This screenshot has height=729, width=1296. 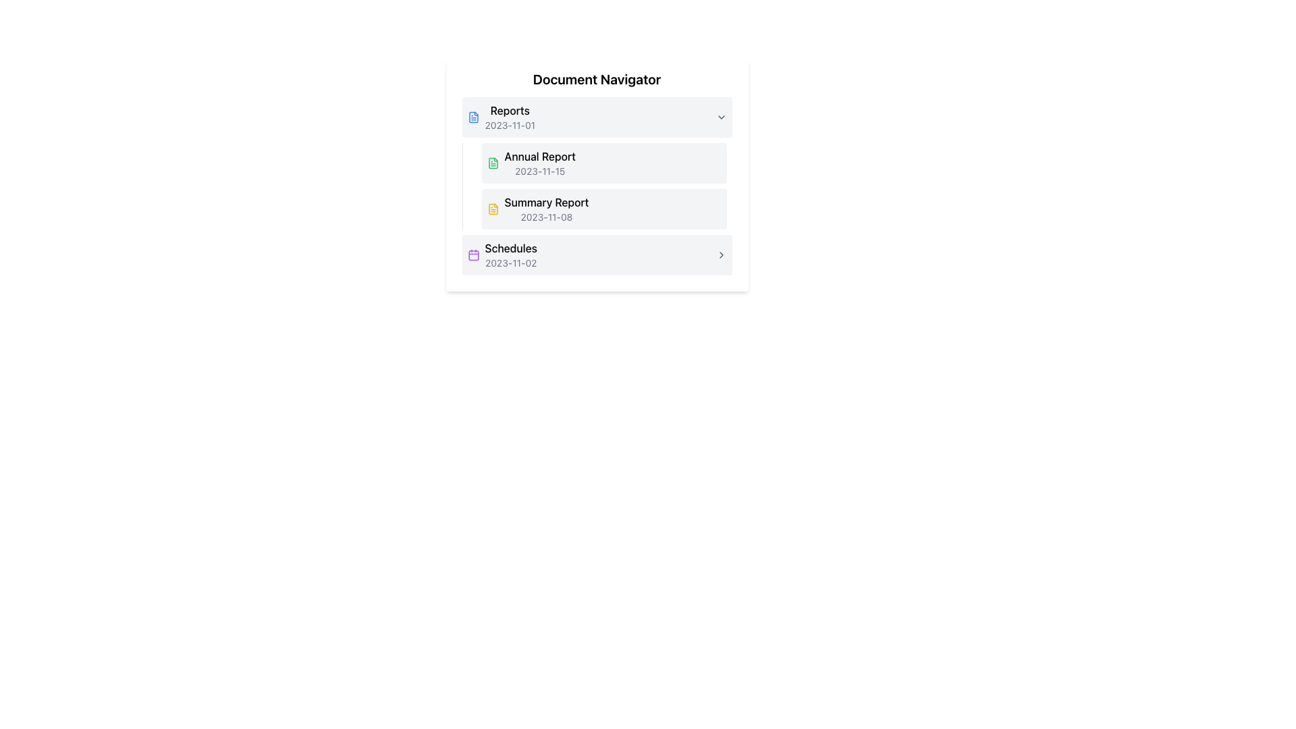 I want to click on the 'Reports' label in the 'Document Navigator' interface, so click(x=509, y=110).